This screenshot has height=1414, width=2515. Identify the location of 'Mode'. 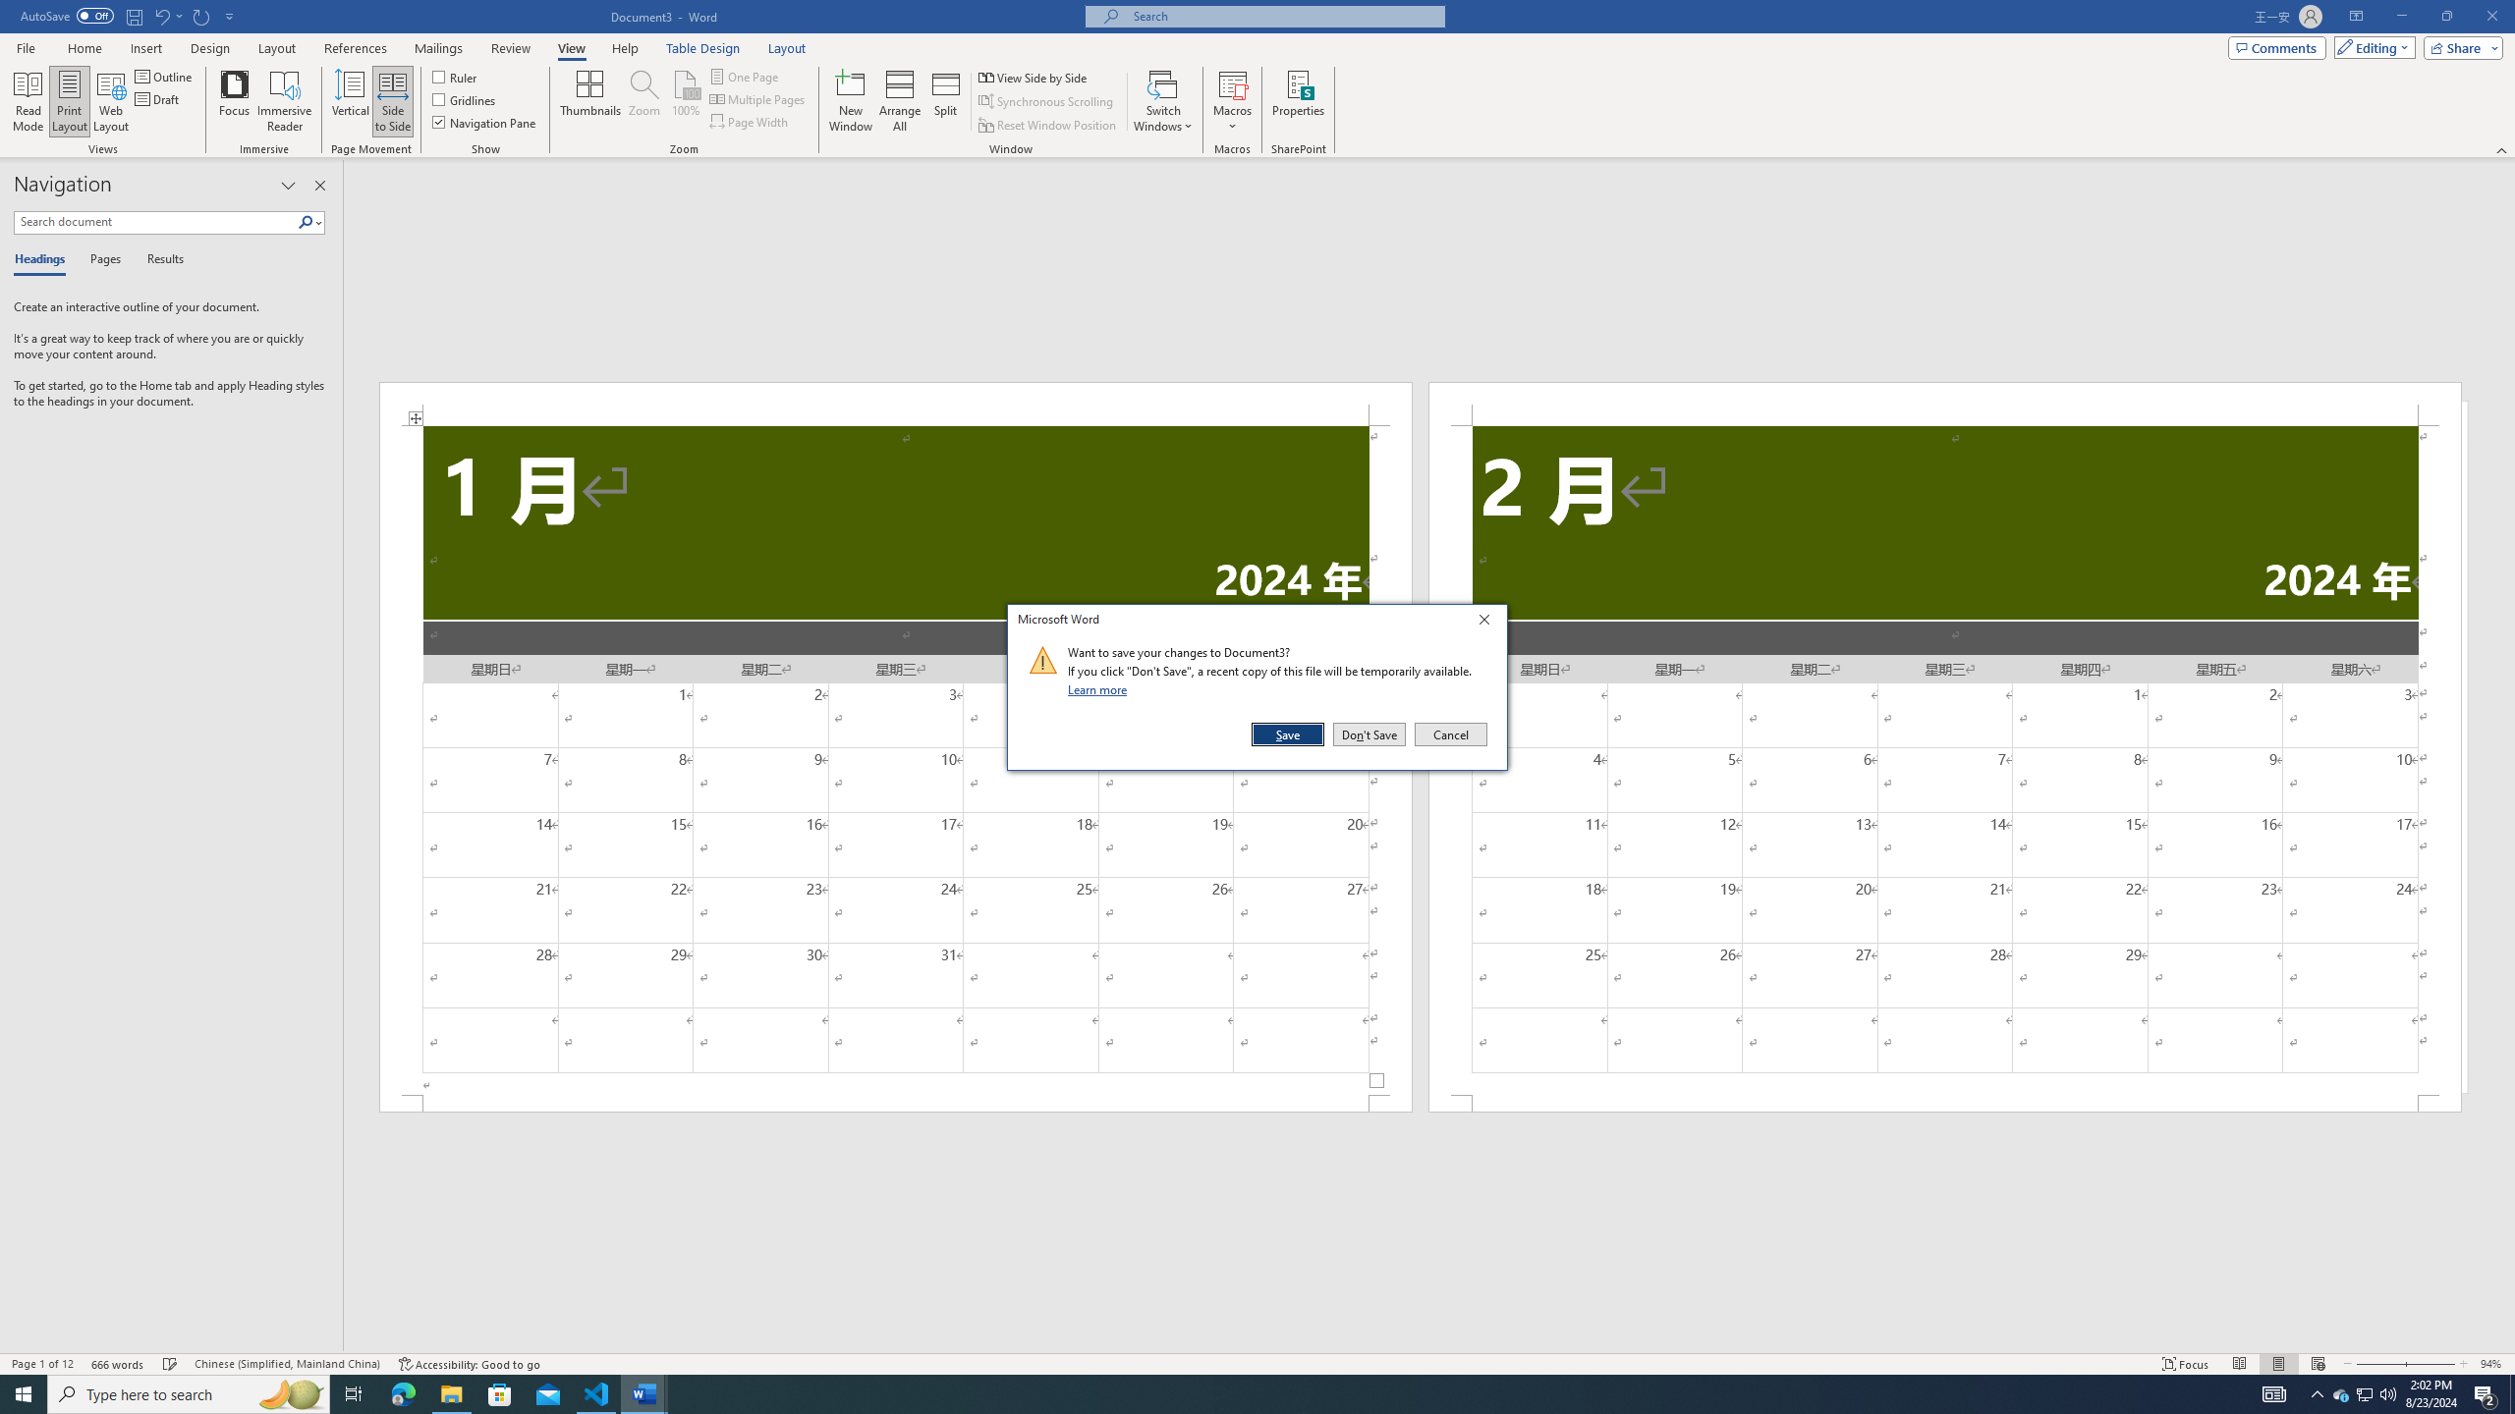
(2371, 46).